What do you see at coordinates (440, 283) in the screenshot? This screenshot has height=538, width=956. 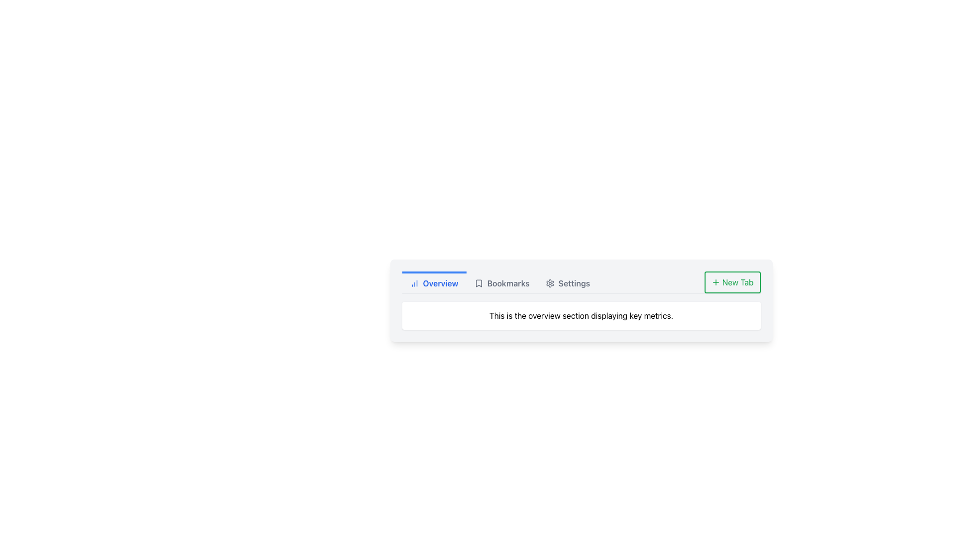 I see `the highlighted text label for the Overview section in the navigation menu` at bounding box center [440, 283].